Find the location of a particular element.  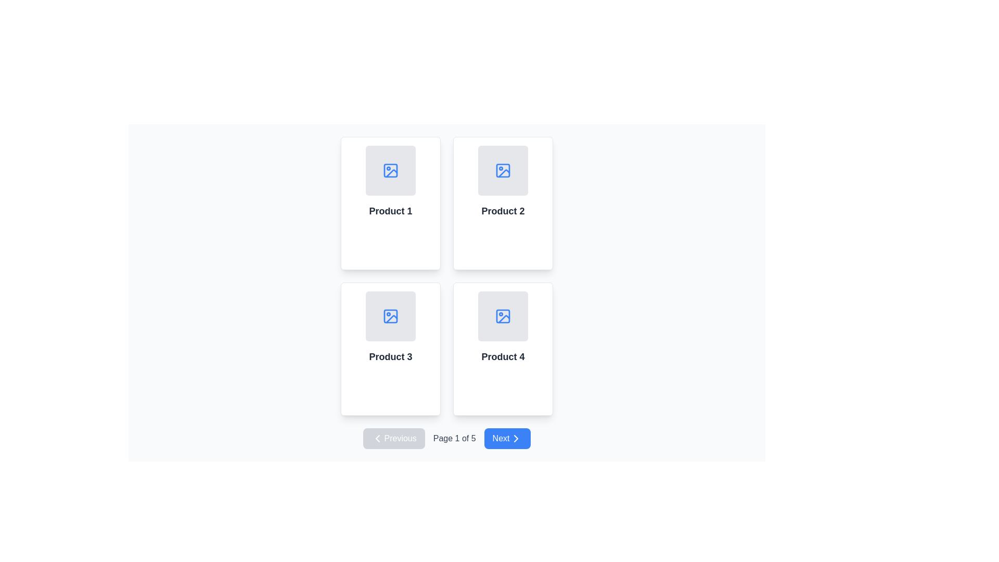

the icon in the top right tile labeled 'Product 2', which visually indicates a placeholder or preview image for the product is located at coordinates (503, 170).